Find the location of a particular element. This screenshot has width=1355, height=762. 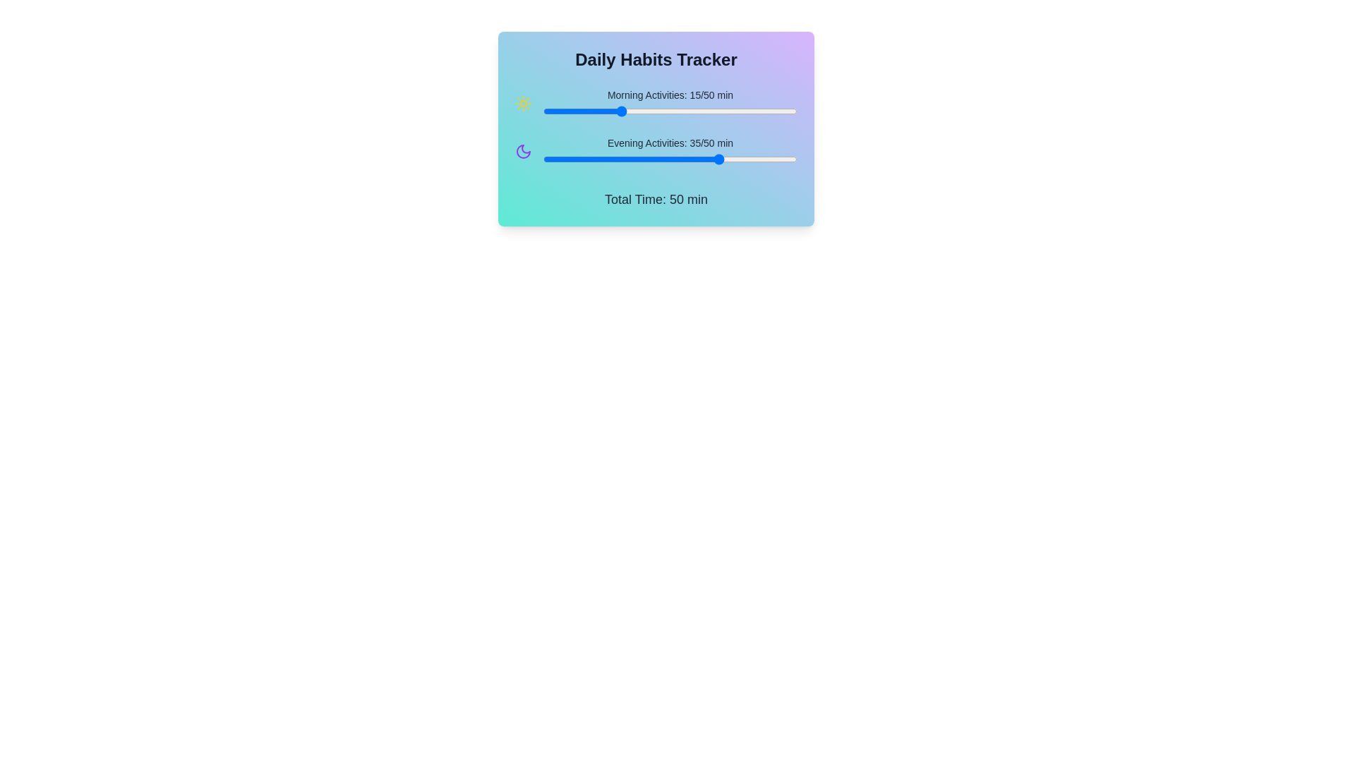

the morning activities slider is located at coordinates (670, 111).